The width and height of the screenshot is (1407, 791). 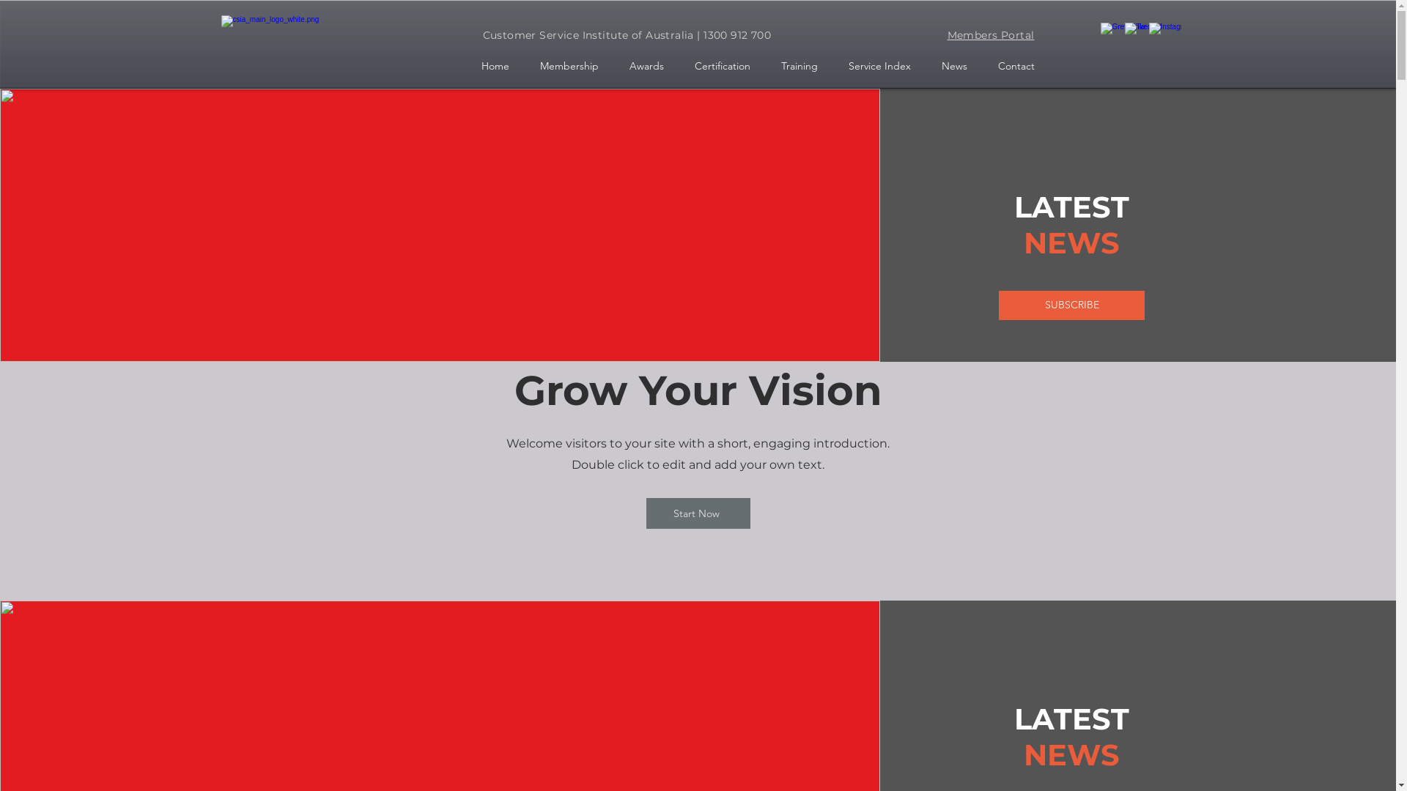 What do you see at coordinates (569, 66) in the screenshot?
I see `'Membership'` at bounding box center [569, 66].